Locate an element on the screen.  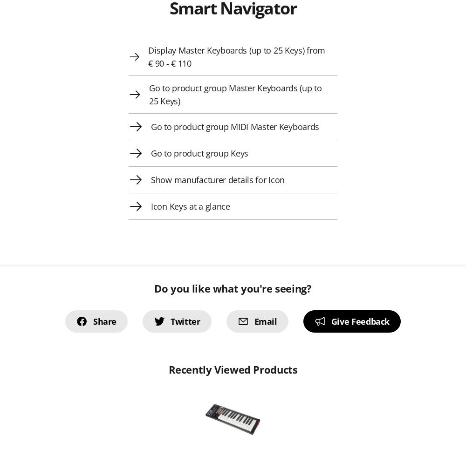
'Share' is located at coordinates (104, 321).